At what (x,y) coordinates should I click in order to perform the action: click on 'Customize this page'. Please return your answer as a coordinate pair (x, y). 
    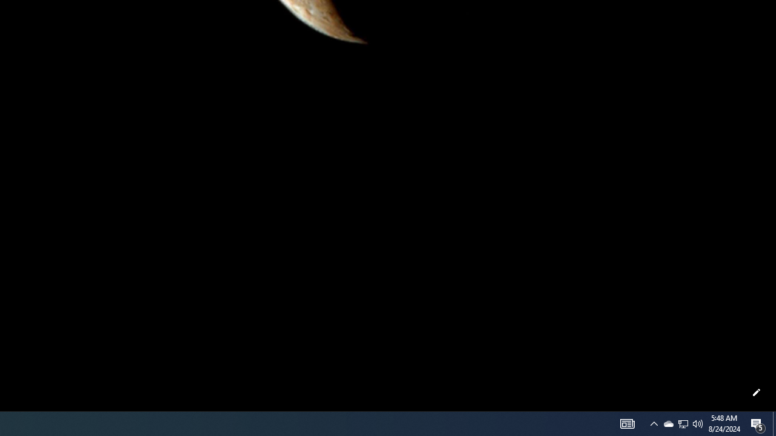
    Looking at the image, I should click on (756, 392).